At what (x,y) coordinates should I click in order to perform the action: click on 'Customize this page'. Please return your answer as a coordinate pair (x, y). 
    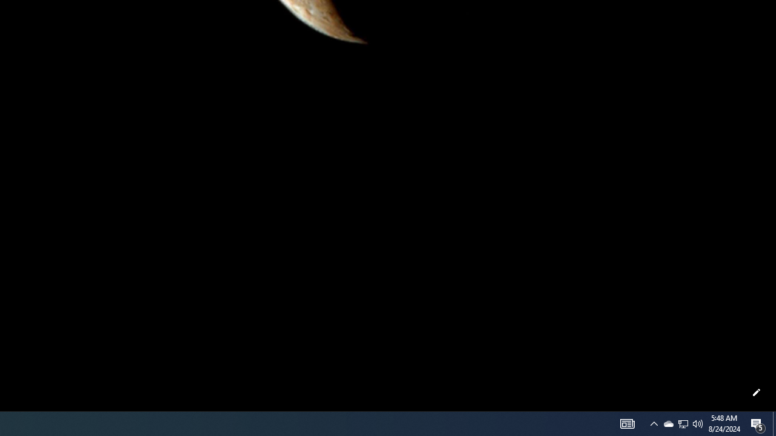
    Looking at the image, I should click on (756, 392).